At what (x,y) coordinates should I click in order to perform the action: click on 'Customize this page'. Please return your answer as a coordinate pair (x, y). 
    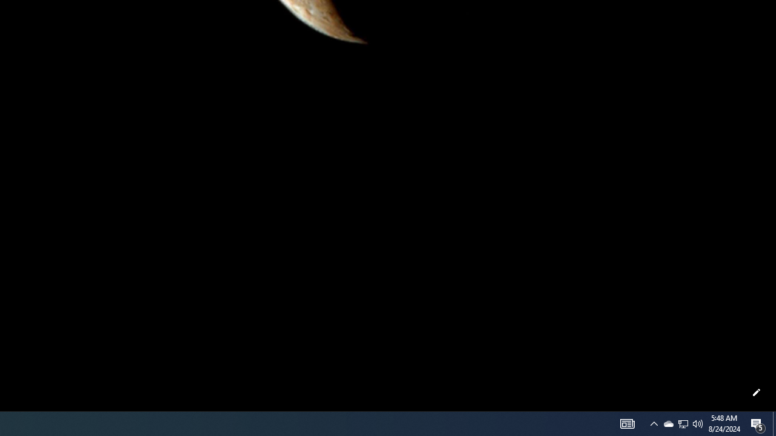
    Looking at the image, I should click on (756, 392).